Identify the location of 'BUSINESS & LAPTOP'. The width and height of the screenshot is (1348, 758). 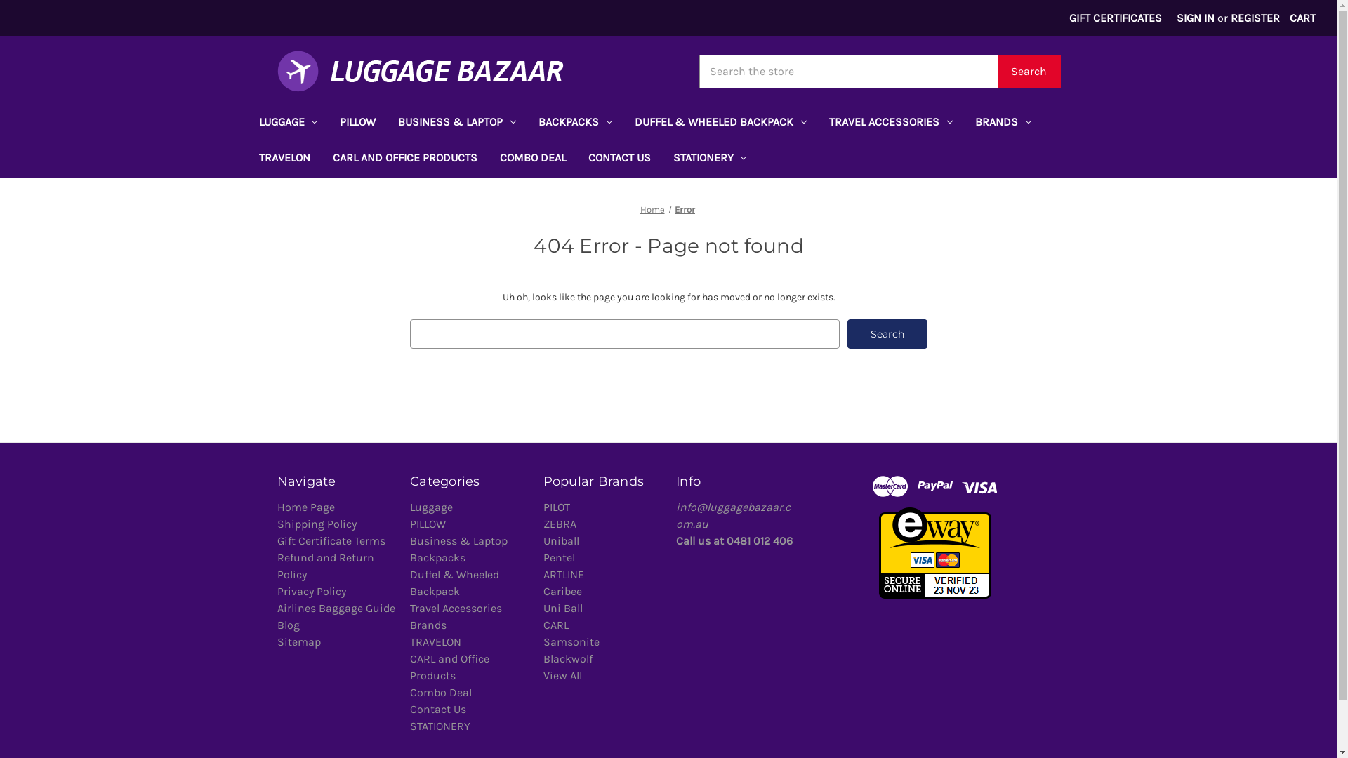
(457, 123).